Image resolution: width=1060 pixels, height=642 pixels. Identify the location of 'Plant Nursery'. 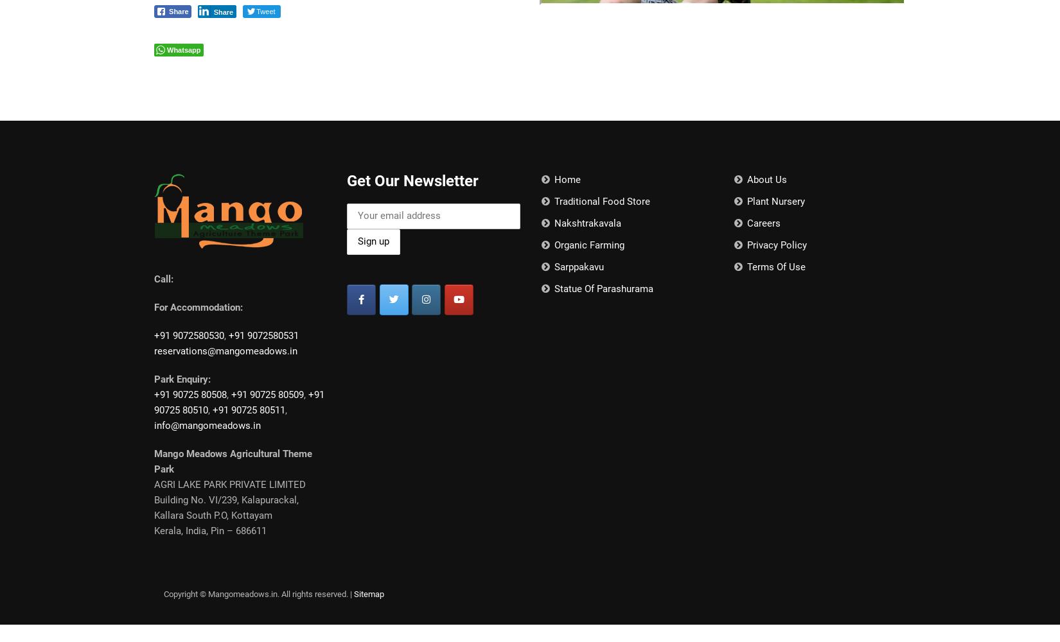
(774, 201).